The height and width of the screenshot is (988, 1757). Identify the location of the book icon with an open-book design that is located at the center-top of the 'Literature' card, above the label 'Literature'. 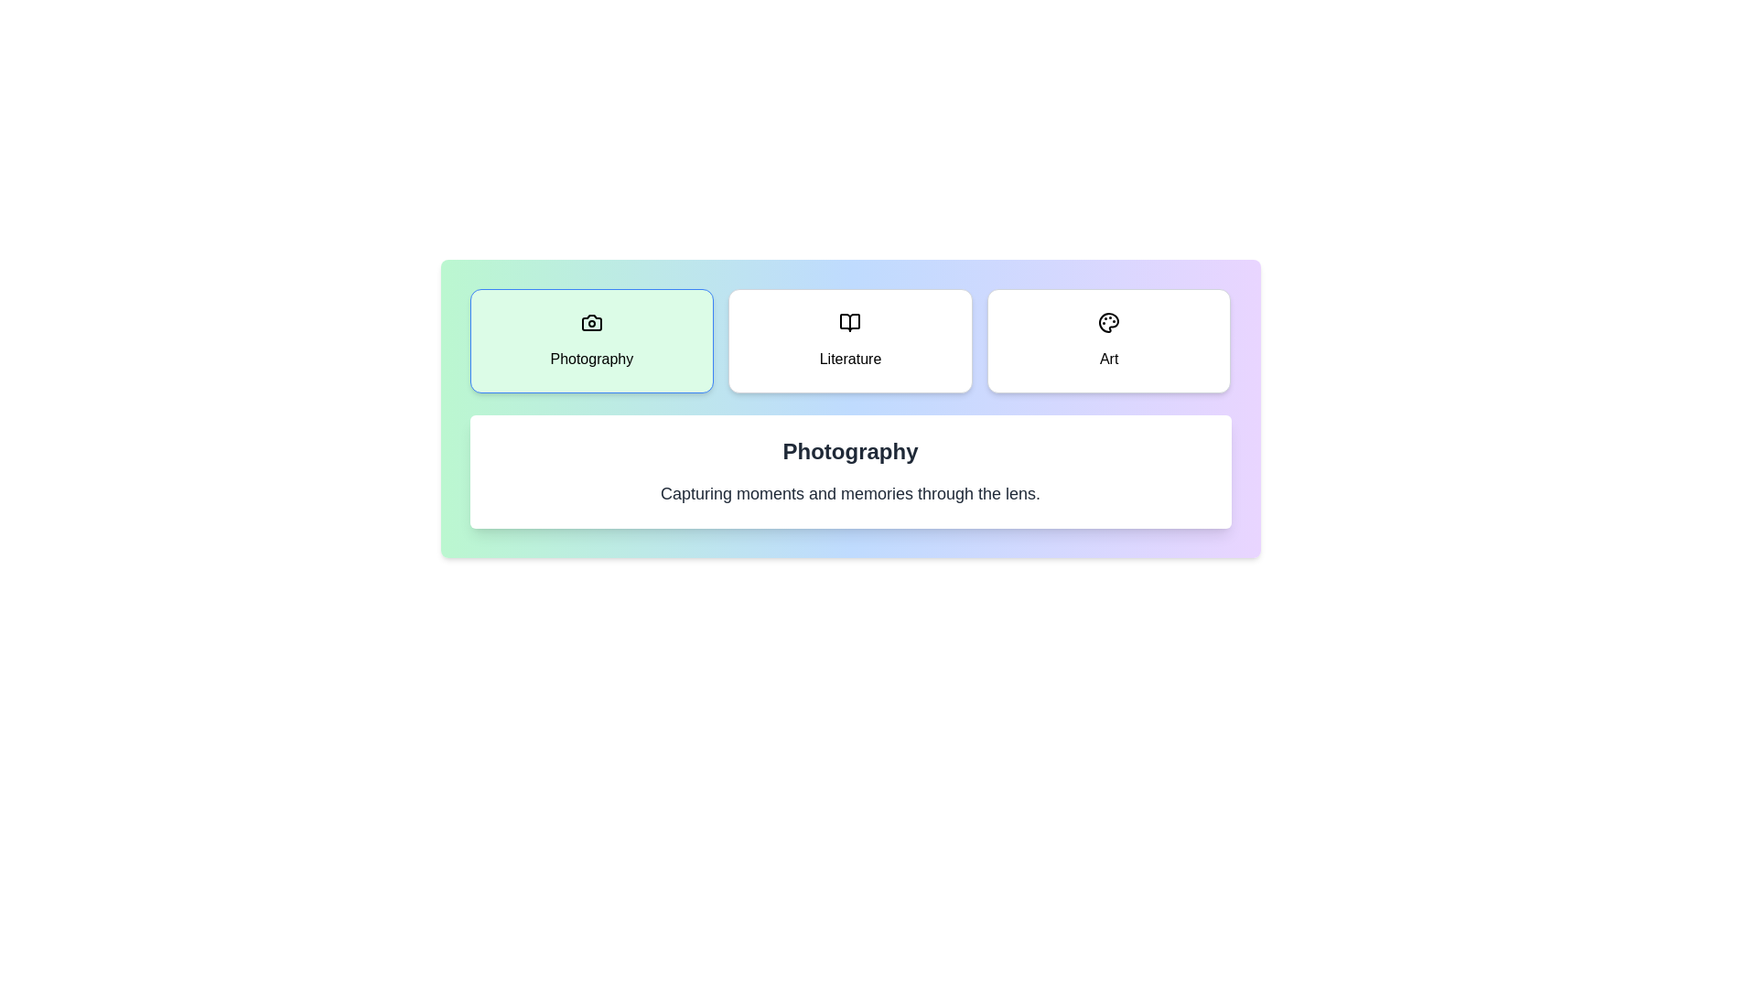
(849, 322).